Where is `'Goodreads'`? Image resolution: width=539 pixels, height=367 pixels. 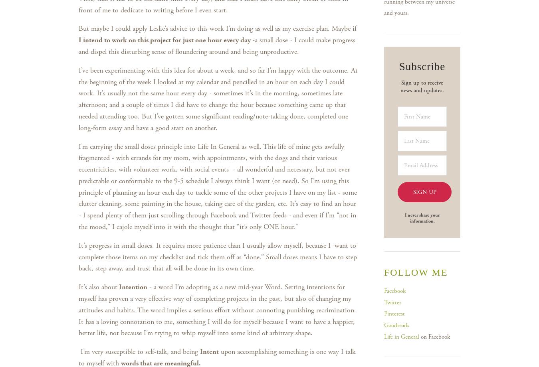
'Goodreads' is located at coordinates (396, 325).